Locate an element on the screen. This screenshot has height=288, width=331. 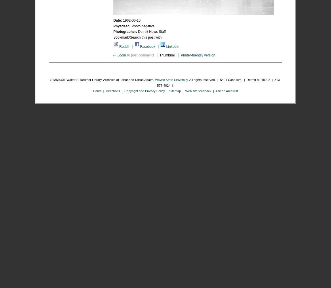
'Hours' is located at coordinates (97, 91).